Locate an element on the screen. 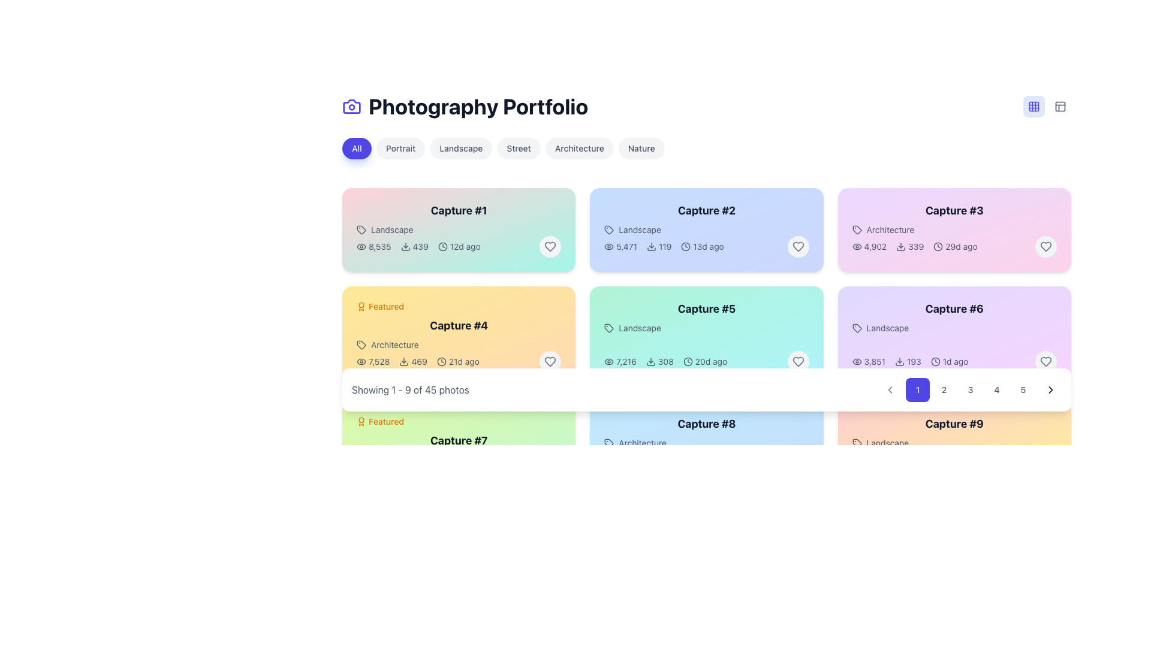  the tag icon located next to the text label 'Architecture', which is styled with smooth lines and rounded edges, and is the leftmost component in the label group is located at coordinates (609, 443).